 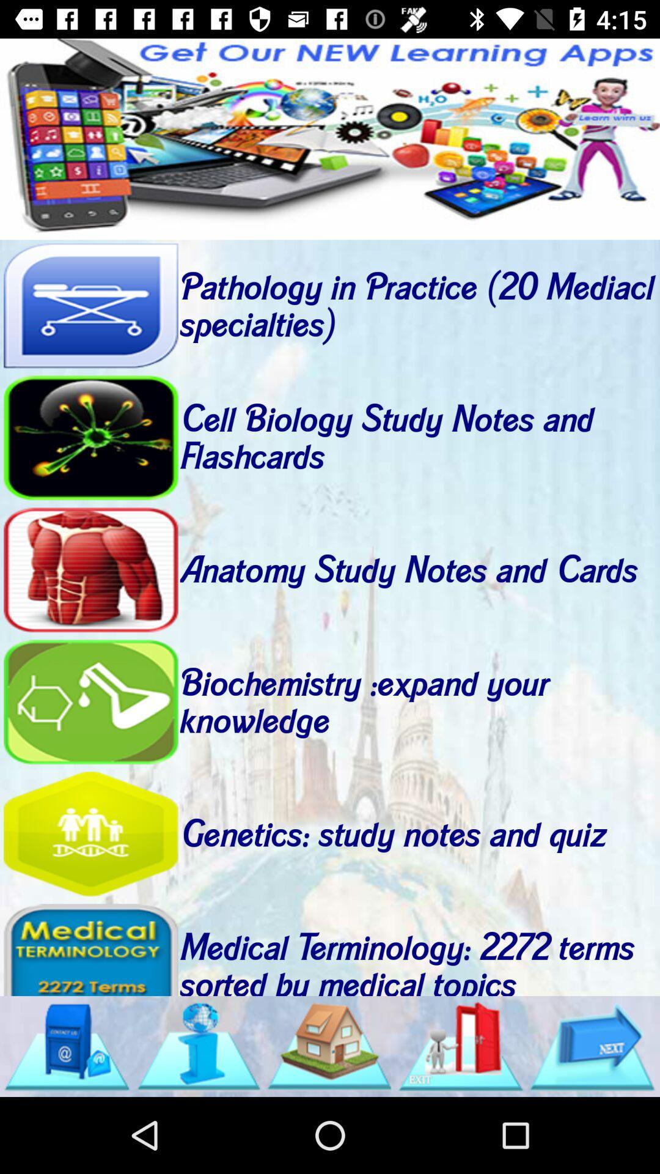 What do you see at coordinates (90, 306) in the screenshot?
I see `pathology in practice` at bounding box center [90, 306].